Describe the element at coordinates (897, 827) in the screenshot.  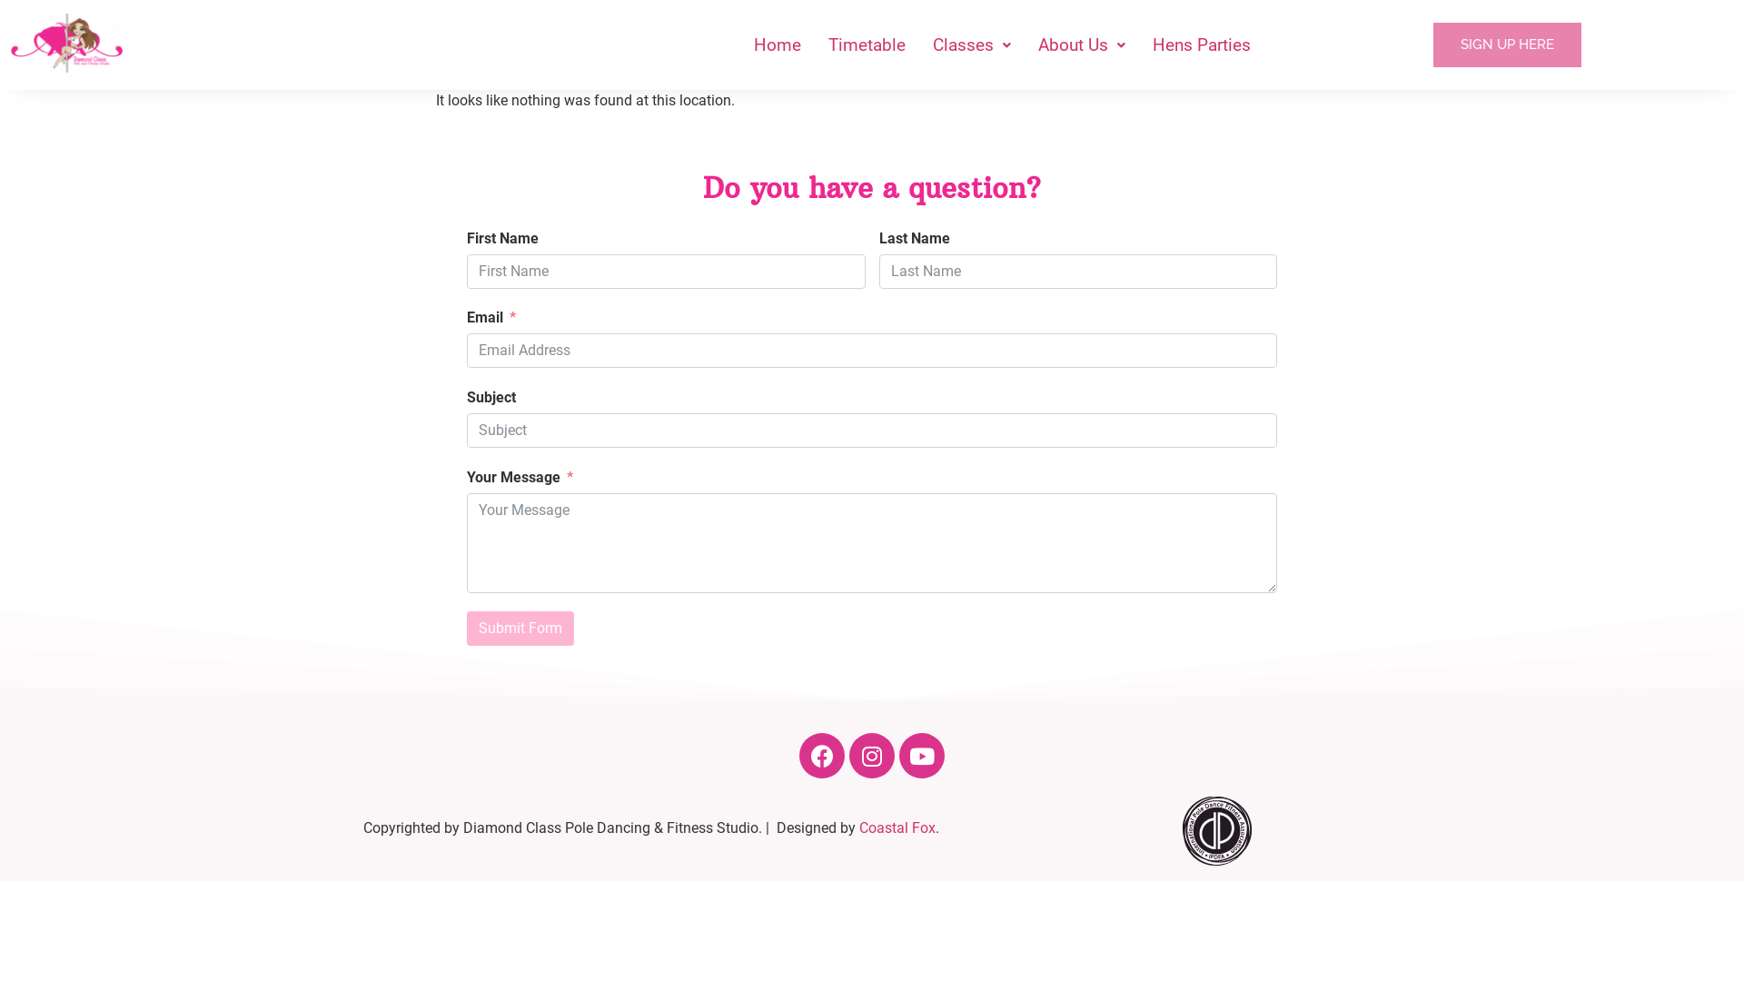
I see `'Coastal Fox'` at that location.